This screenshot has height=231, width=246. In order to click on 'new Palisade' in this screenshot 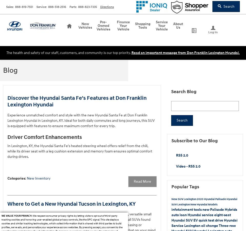, I will do `click(213, 209)`.